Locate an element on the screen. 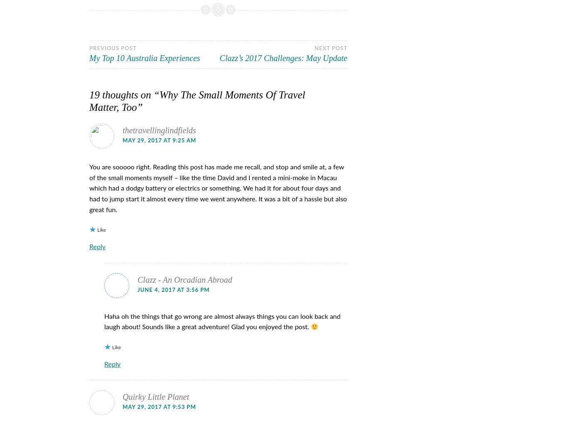 The image size is (561, 428). 'May 29, 2017 at 9:25 am' is located at coordinates (159, 140).